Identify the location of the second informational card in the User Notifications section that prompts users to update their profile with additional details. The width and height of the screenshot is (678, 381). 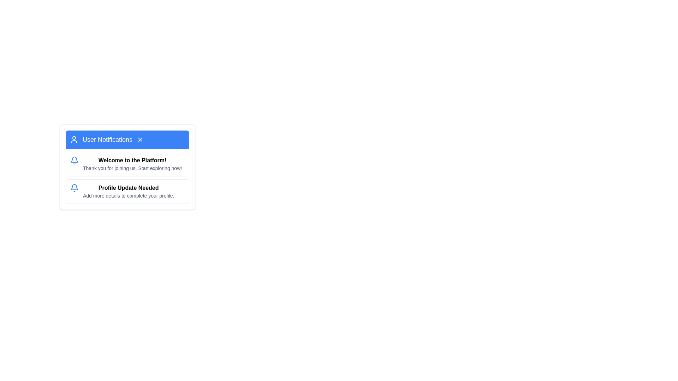
(127, 192).